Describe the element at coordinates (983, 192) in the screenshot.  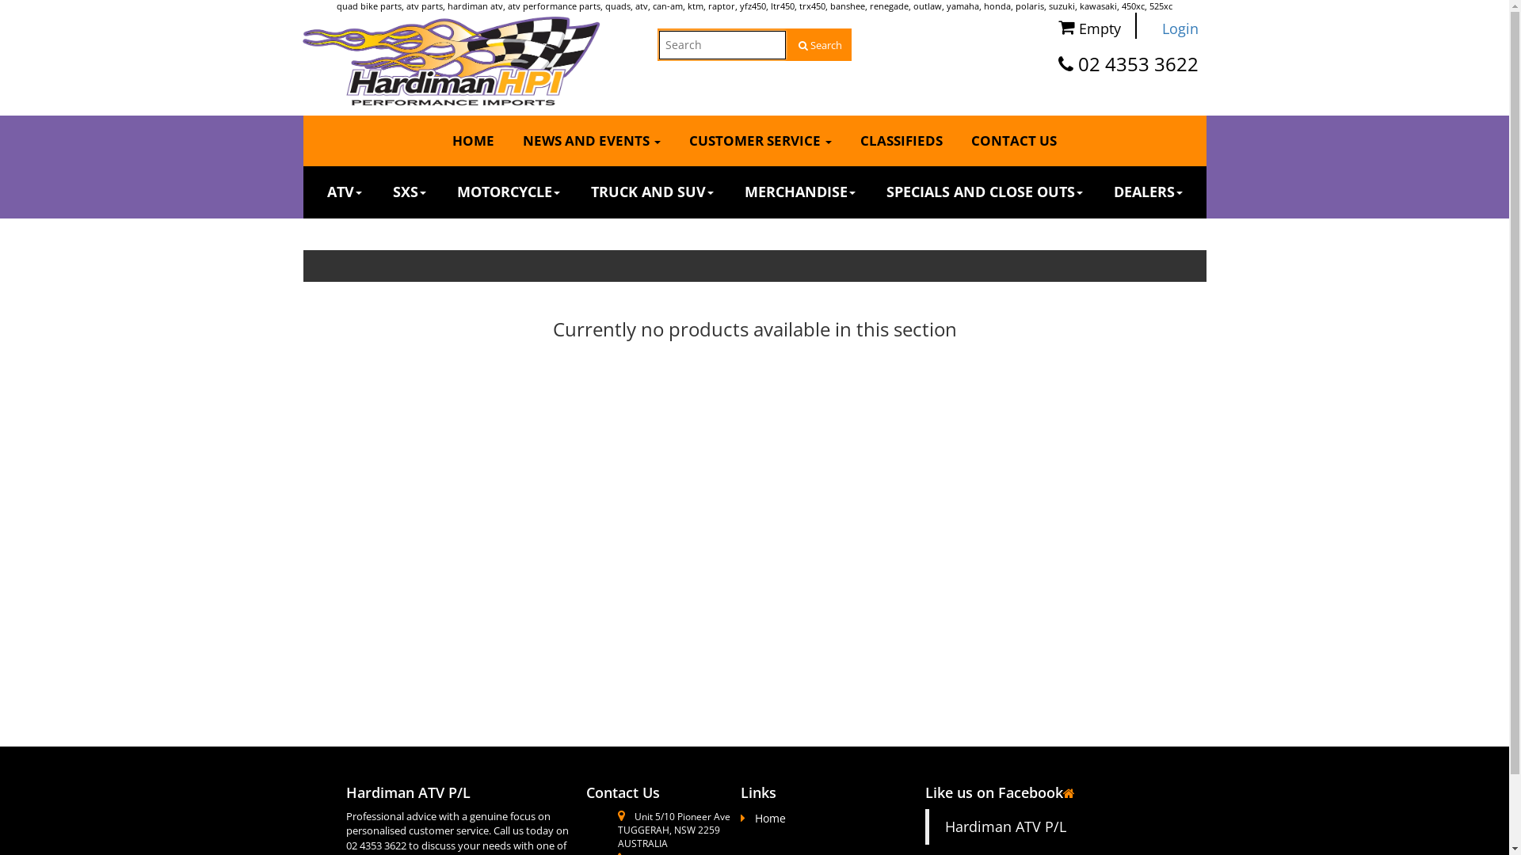
I see `'SPECIALS AND CLOSE OUTS'` at that location.